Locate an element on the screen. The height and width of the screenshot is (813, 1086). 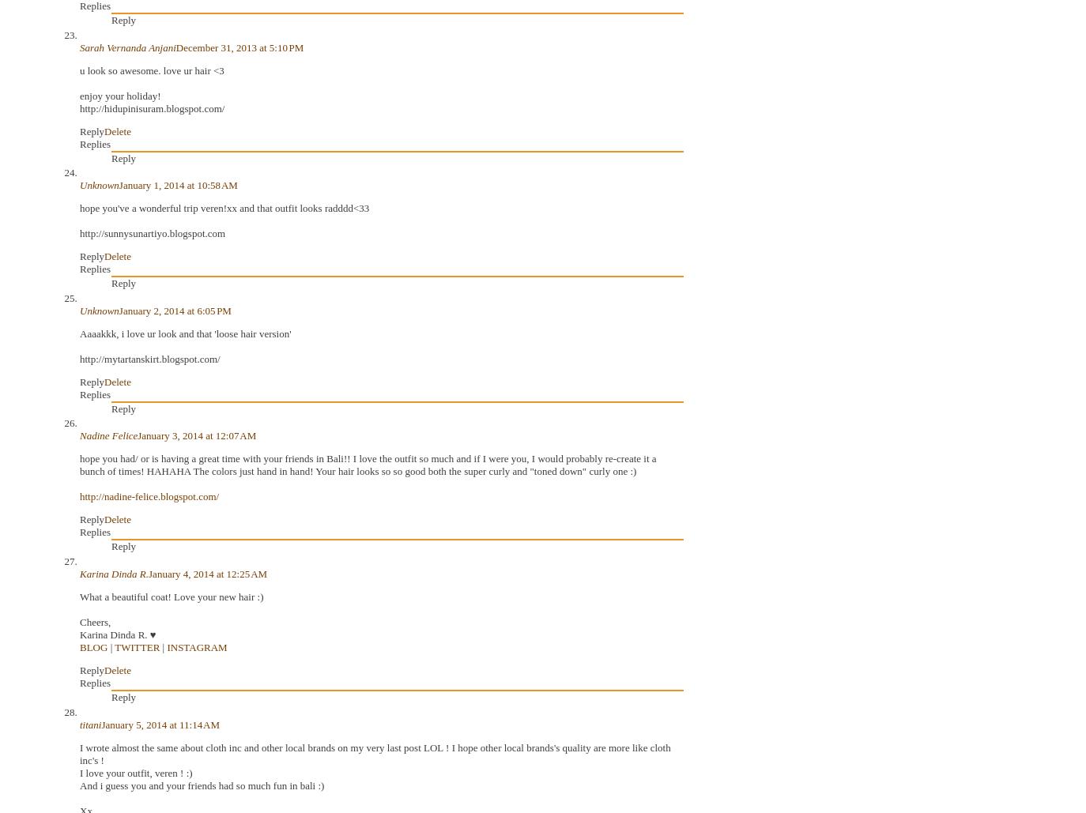
'Nadine Felice' is located at coordinates (107, 435).